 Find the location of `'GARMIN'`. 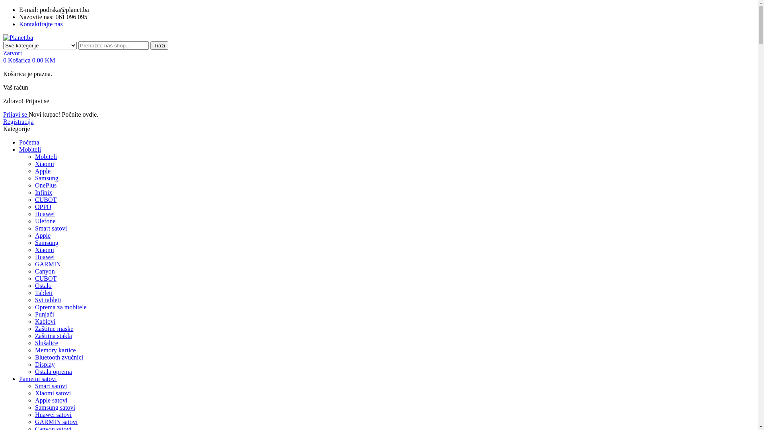

'GARMIN' is located at coordinates (34, 264).